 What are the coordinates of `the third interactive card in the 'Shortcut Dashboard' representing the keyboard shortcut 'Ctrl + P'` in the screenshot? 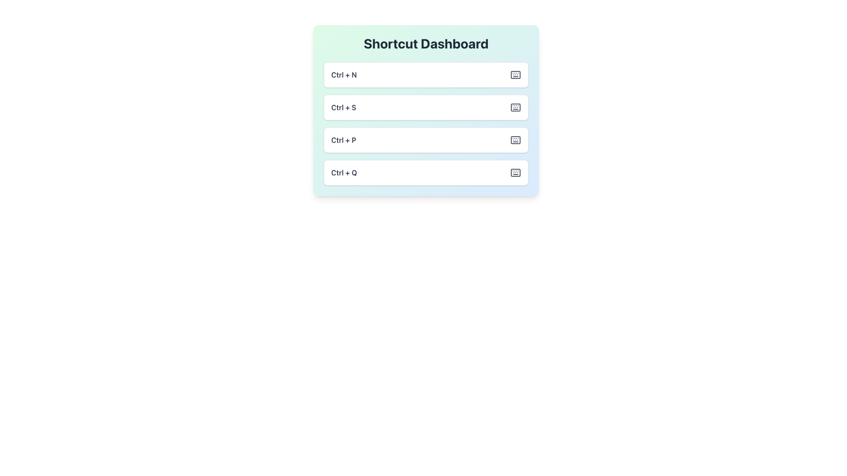 It's located at (426, 124).